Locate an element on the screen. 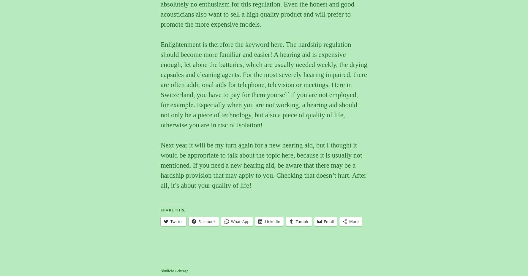 Image resolution: width=528 pixels, height=276 pixels. 'Enlightenment is therefore the keyword here. The hardship regulation should become more familiar and easier! A hearing aid is expensive enough, let alone the batteries, which are usually needed weekly, the drying capsules and cleaning agents. For the most severely hearing impaired, there are often additional aids for telephone, television or meetings. Here in Switzerland, you have to pay for them yourself if you are not employed, for example. Especially when you are not working, a hearing aid should not only be a piece of technology, but also a piece of quality of life, otherwise you are in risc of isolation!' is located at coordinates (263, 84).